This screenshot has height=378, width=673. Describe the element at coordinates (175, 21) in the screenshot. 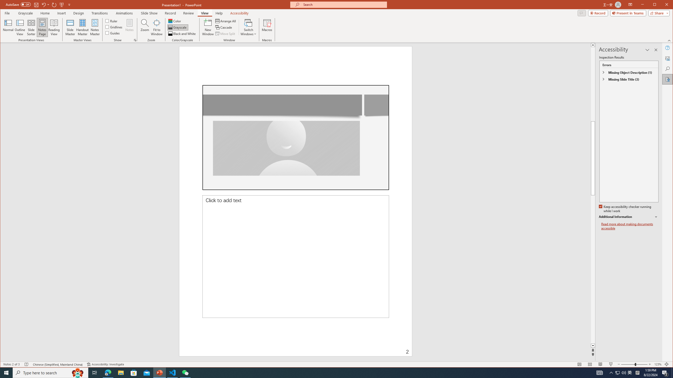

I see `'Color'` at that location.